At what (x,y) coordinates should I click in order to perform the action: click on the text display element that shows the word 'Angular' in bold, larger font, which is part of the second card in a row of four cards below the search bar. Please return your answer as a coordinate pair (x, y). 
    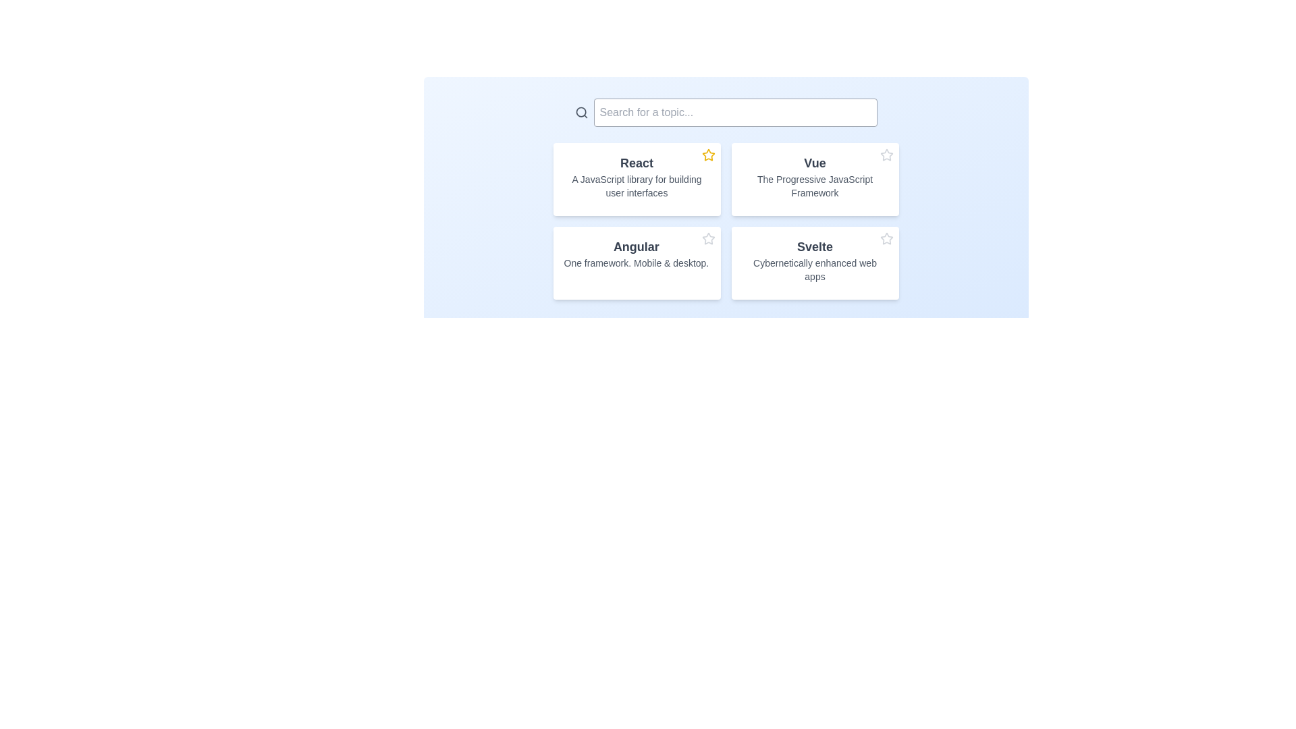
    Looking at the image, I should click on (635, 253).